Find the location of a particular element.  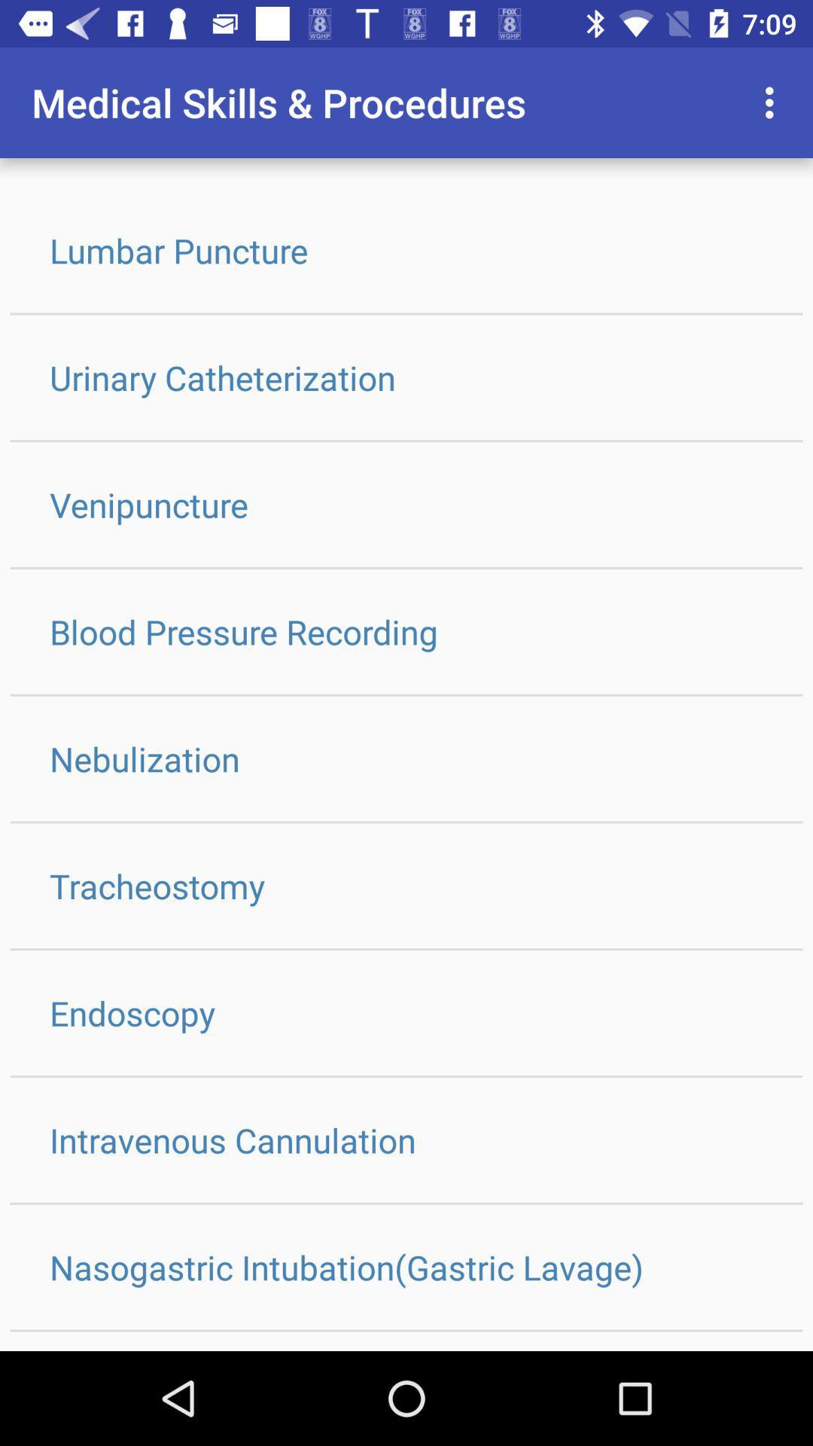

the endoscopy item is located at coordinates (406, 1013).